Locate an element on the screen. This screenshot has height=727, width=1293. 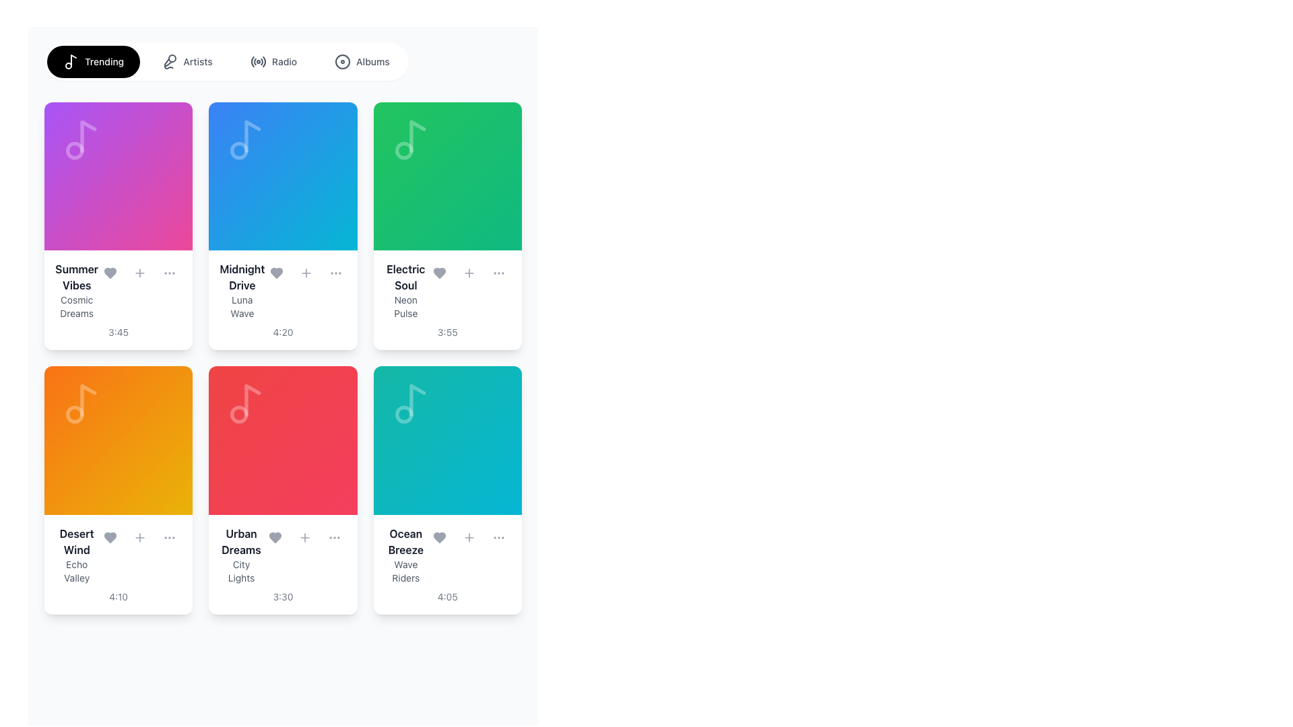
the '+' icon button located at the top-right corner of the 'Urban Dreams' card in the second row of the grid layout is located at coordinates (304, 536).